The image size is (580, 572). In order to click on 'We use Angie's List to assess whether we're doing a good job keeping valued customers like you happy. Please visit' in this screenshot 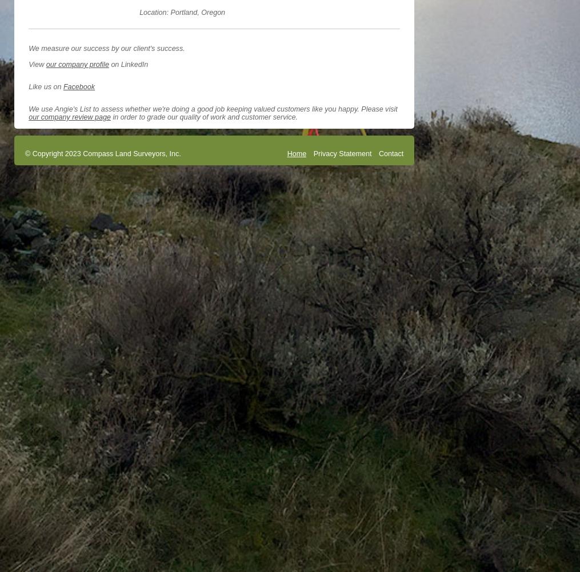, I will do `click(213, 109)`.